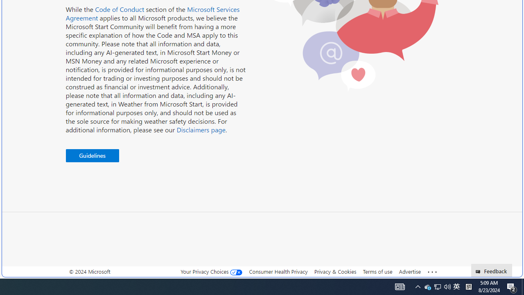 Image resolution: width=524 pixels, height=295 pixels. What do you see at coordinates (278, 272) in the screenshot?
I see `'Consumer Health Privacy'` at bounding box center [278, 272].